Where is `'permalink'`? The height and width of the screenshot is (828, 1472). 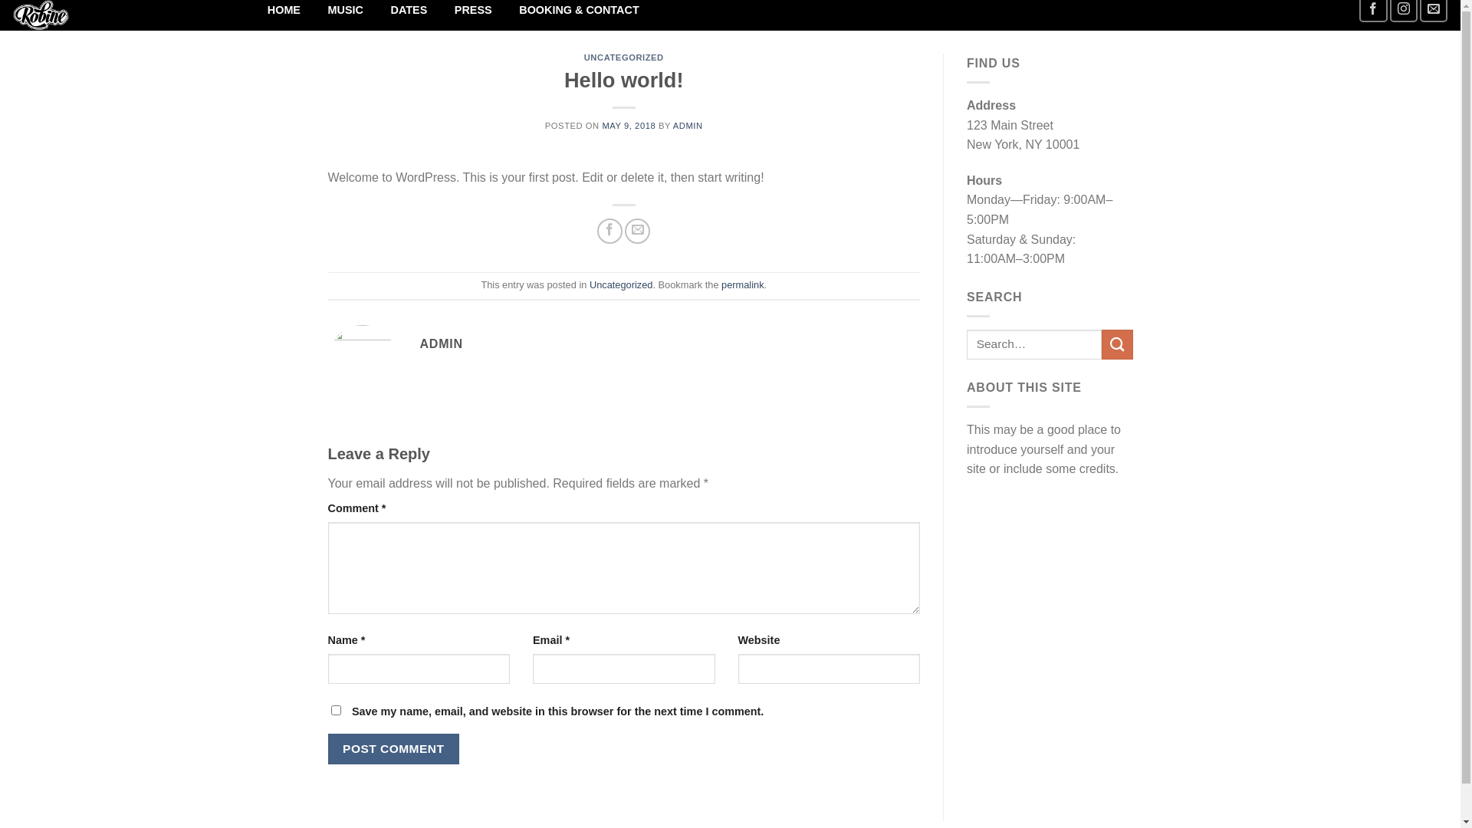 'permalink' is located at coordinates (742, 284).